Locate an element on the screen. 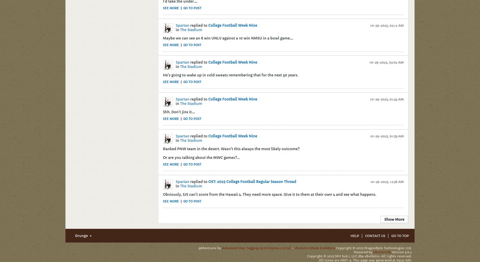 This screenshot has height=262, width=480. 'Contact Us' is located at coordinates (375, 235).